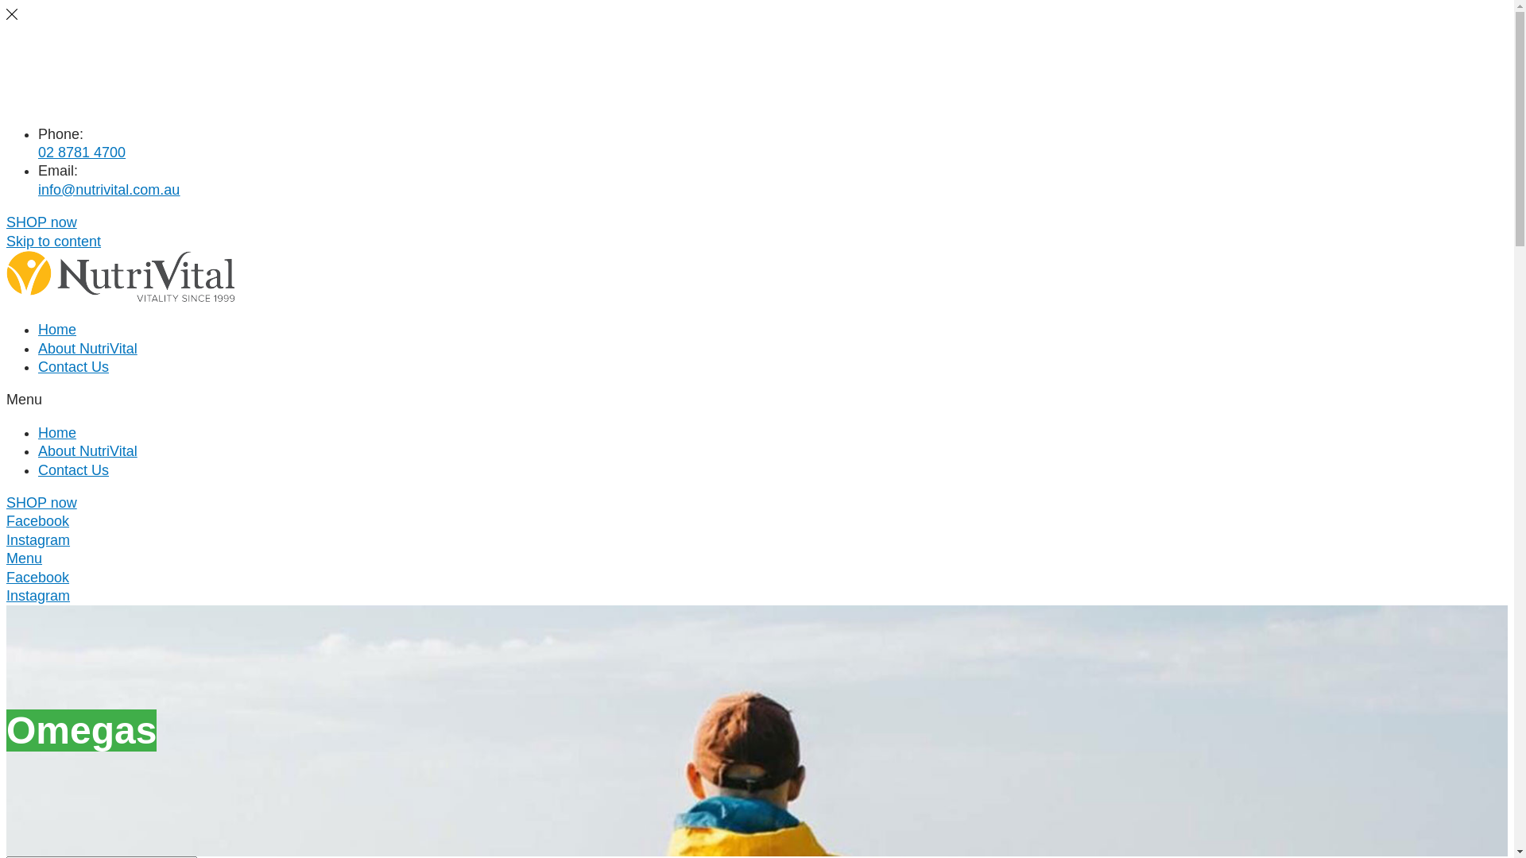 The height and width of the screenshot is (858, 1526). Describe the element at coordinates (6, 595) in the screenshot. I see `'Instagram'` at that location.